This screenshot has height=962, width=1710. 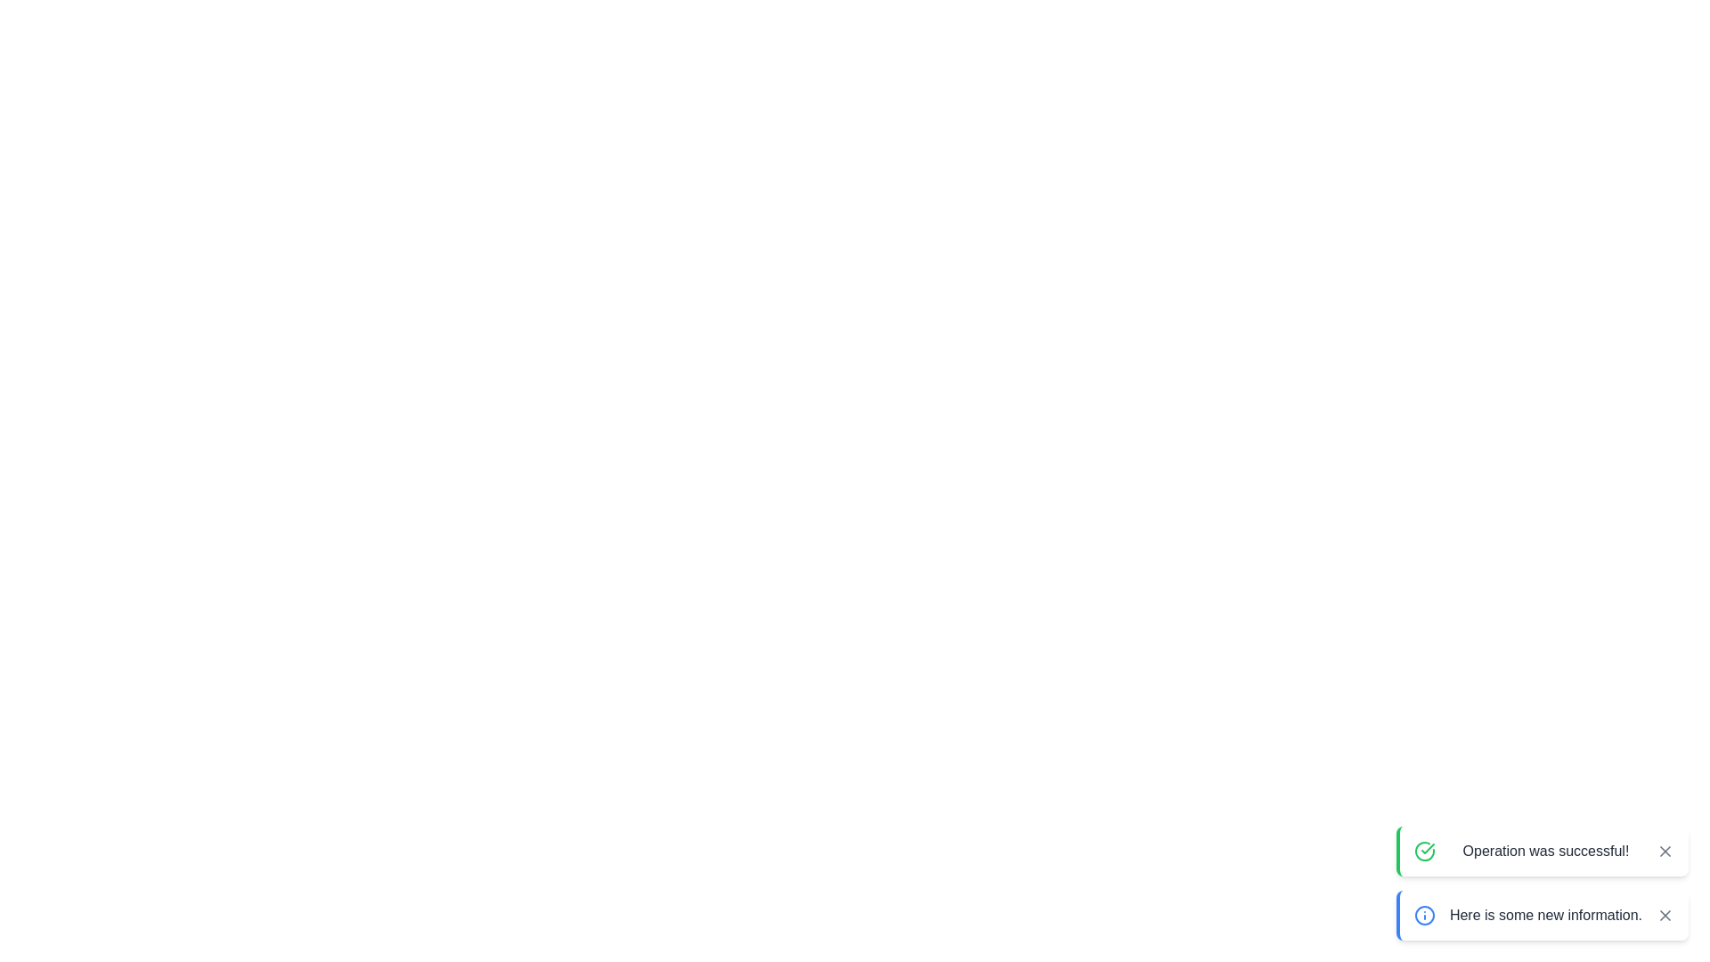 I want to click on the first snackbar element to observe the hover effect, so click(x=1542, y=851).